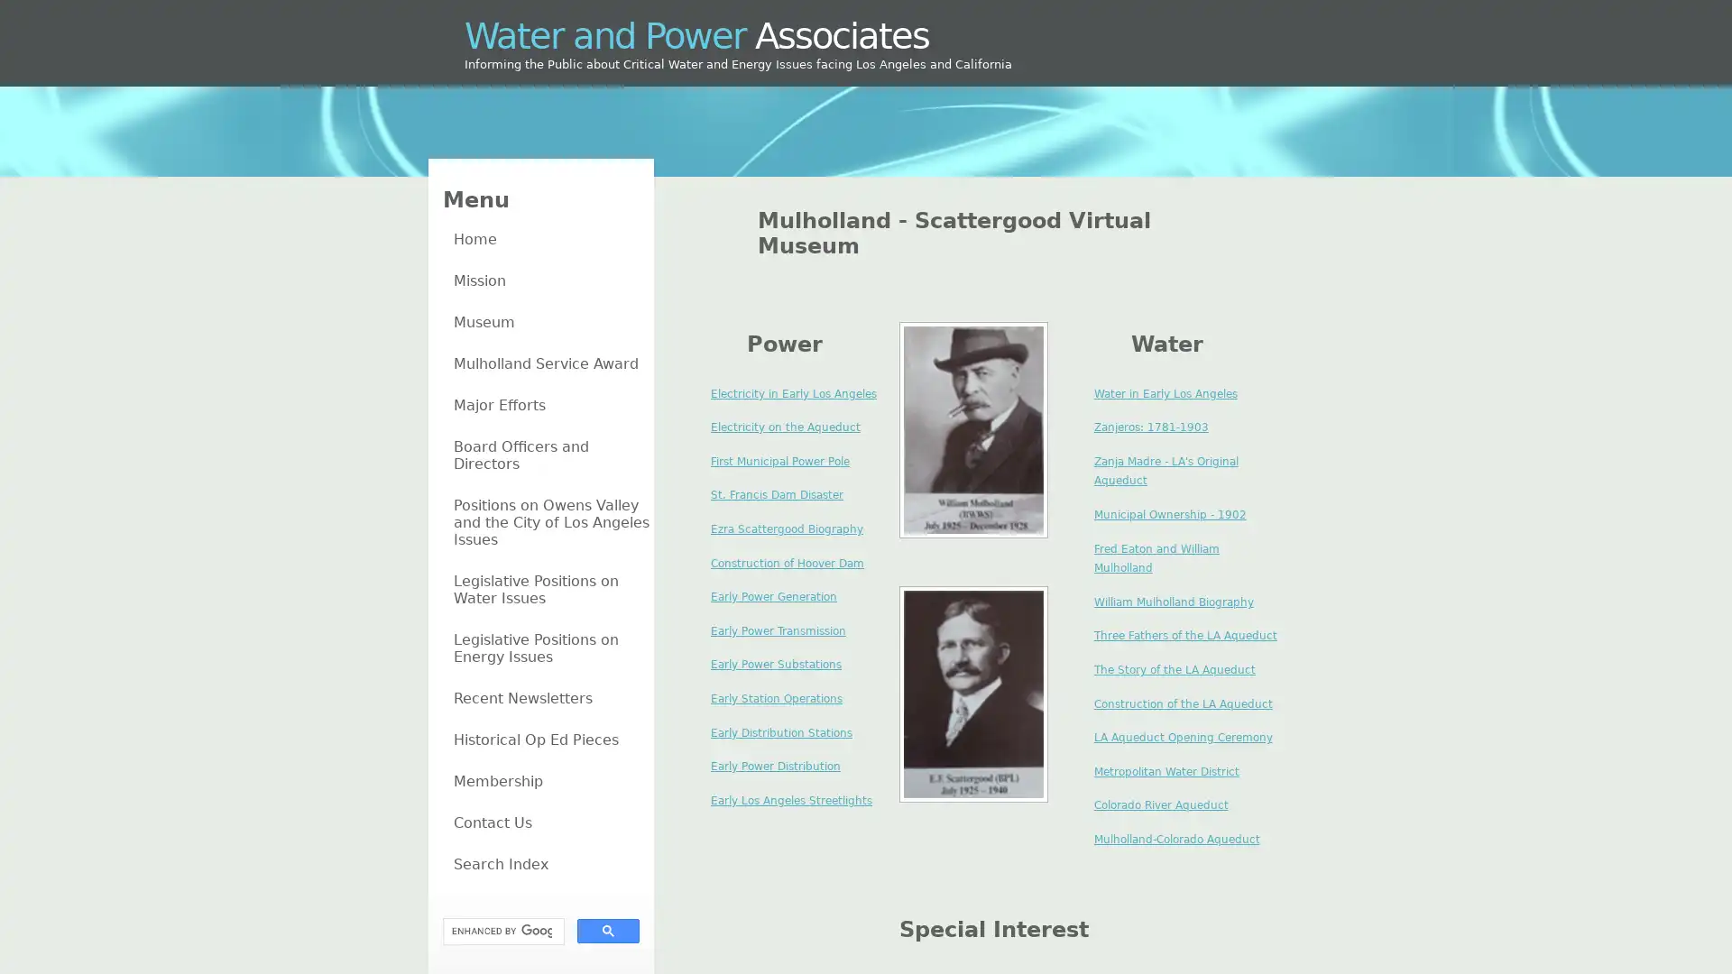 This screenshot has height=974, width=1732. Describe the element at coordinates (608, 931) in the screenshot. I see `search` at that location.